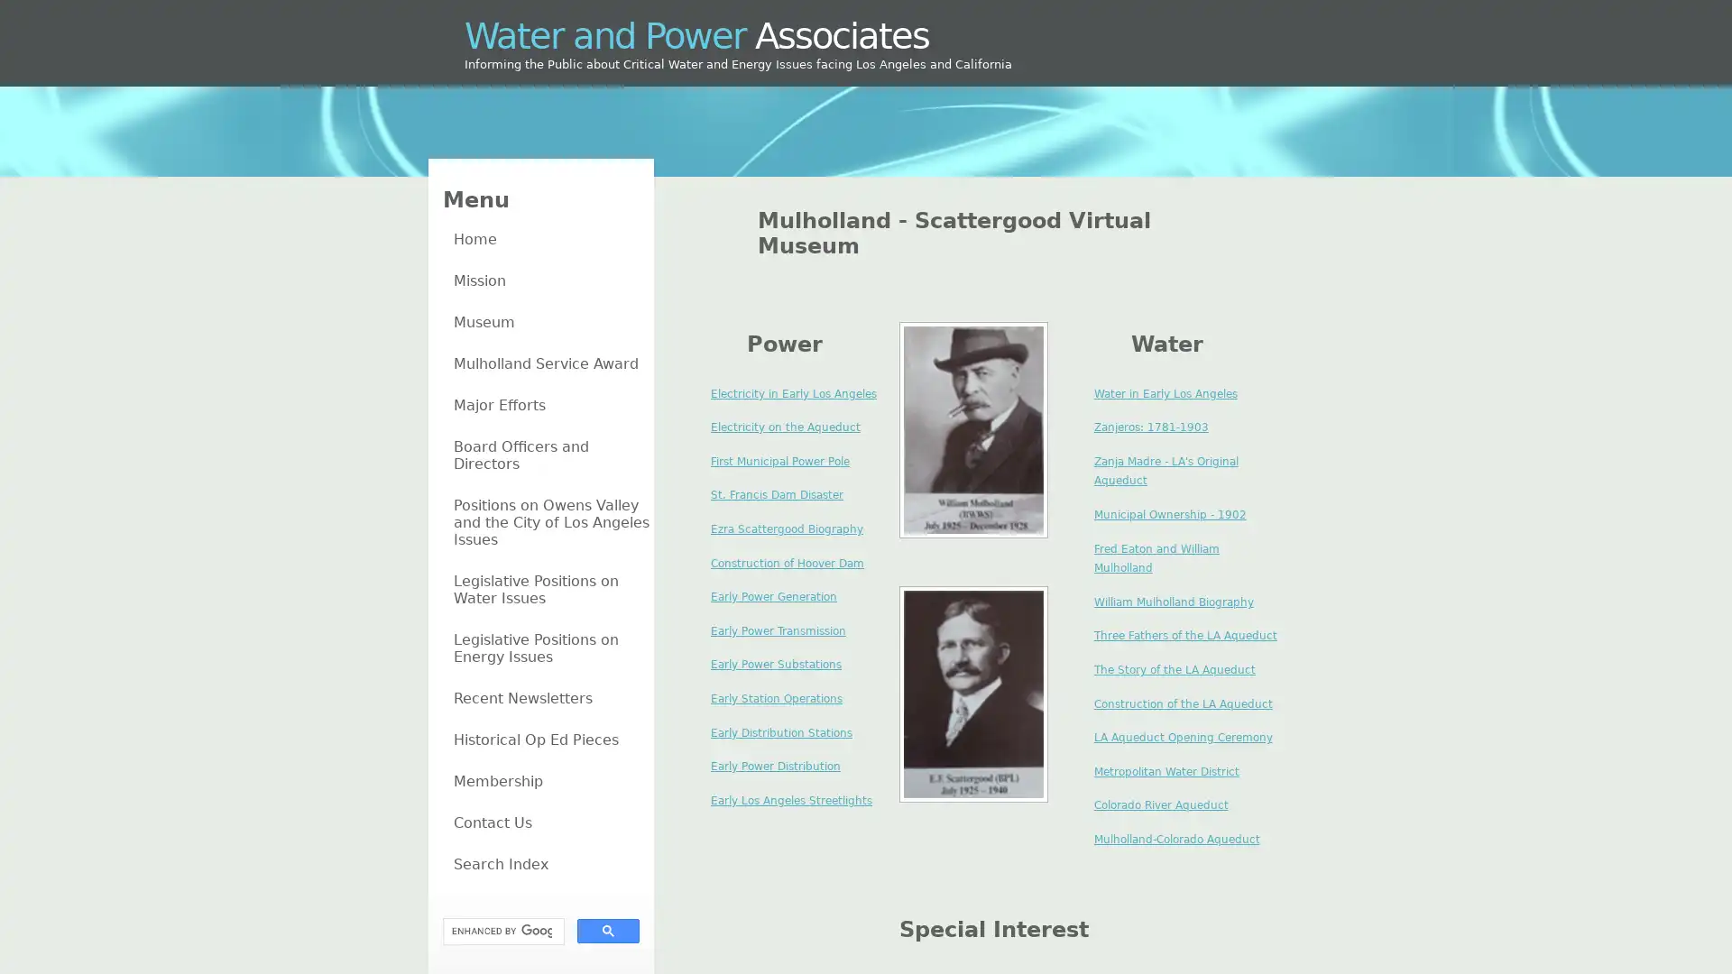 This screenshot has height=974, width=1732. Describe the element at coordinates (608, 931) in the screenshot. I see `search` at that location.